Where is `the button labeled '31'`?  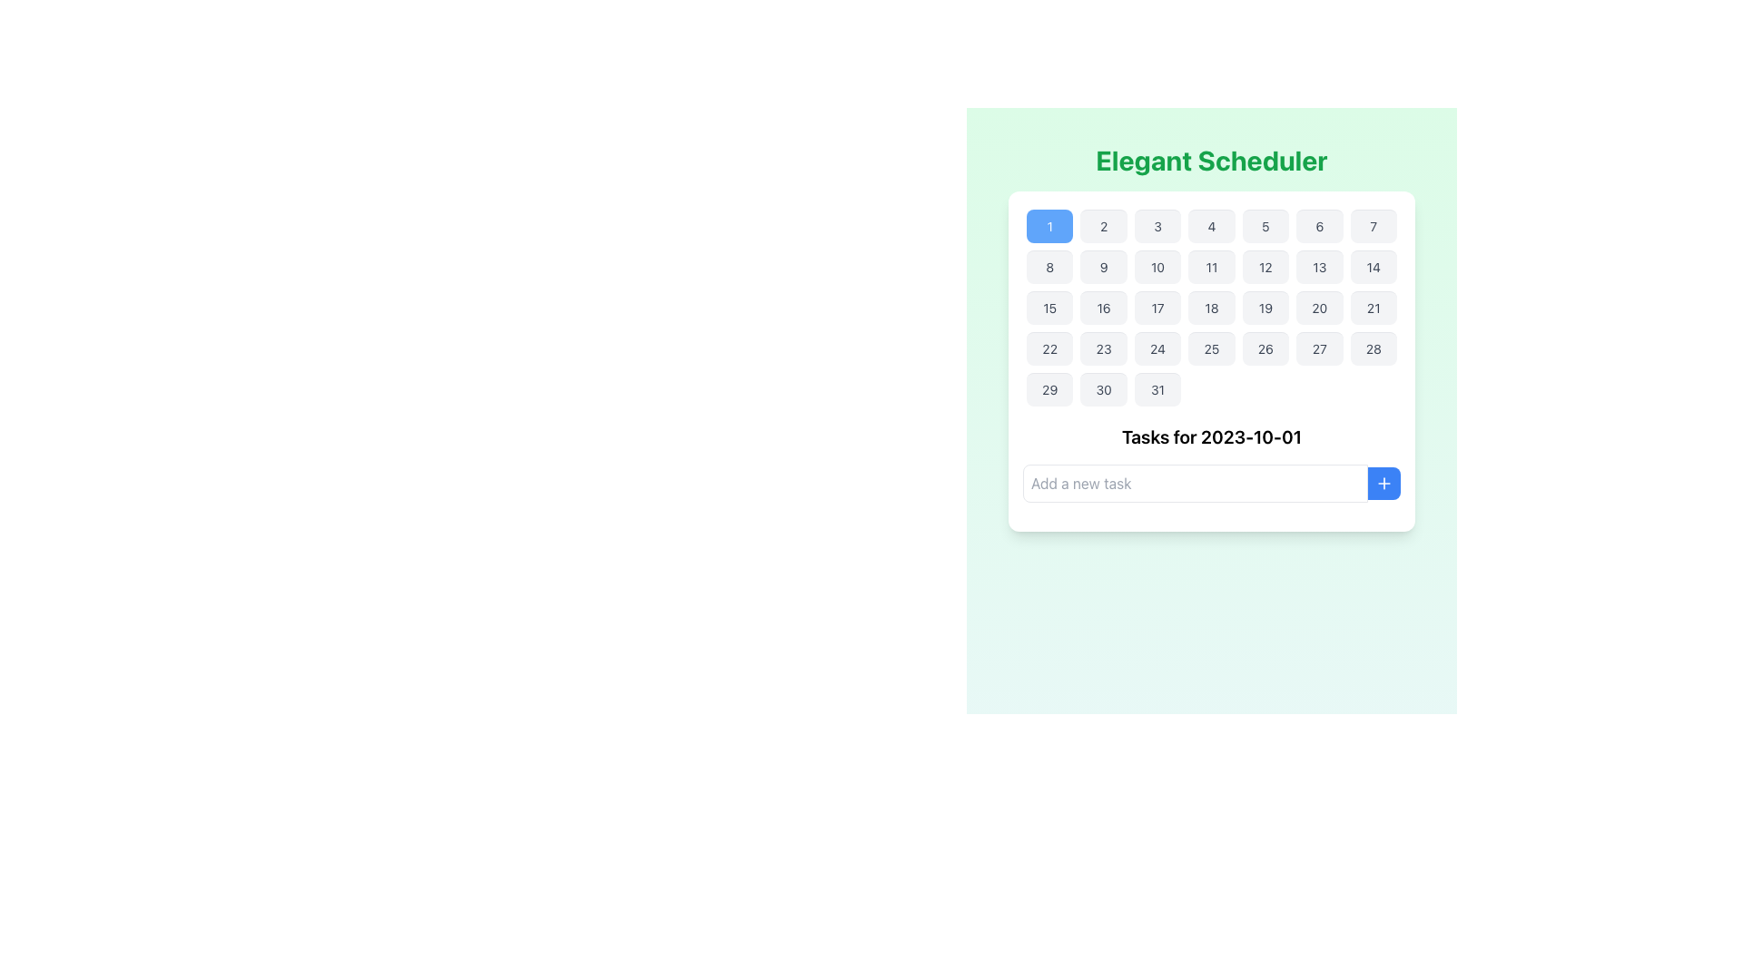
the button labeled '31' is located at coordinates (1157, 388).